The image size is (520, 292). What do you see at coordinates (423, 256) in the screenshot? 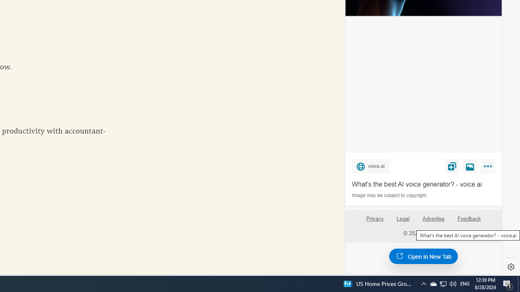
I see `'Open in New Tab'` at bounding box center [423, 256].